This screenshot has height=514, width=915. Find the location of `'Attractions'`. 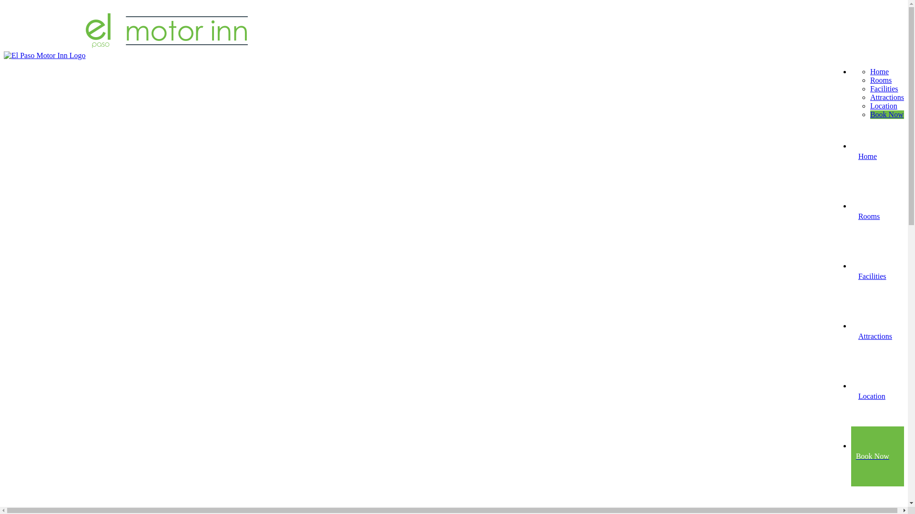

'Attractions' is located at coordinates (886, 97).